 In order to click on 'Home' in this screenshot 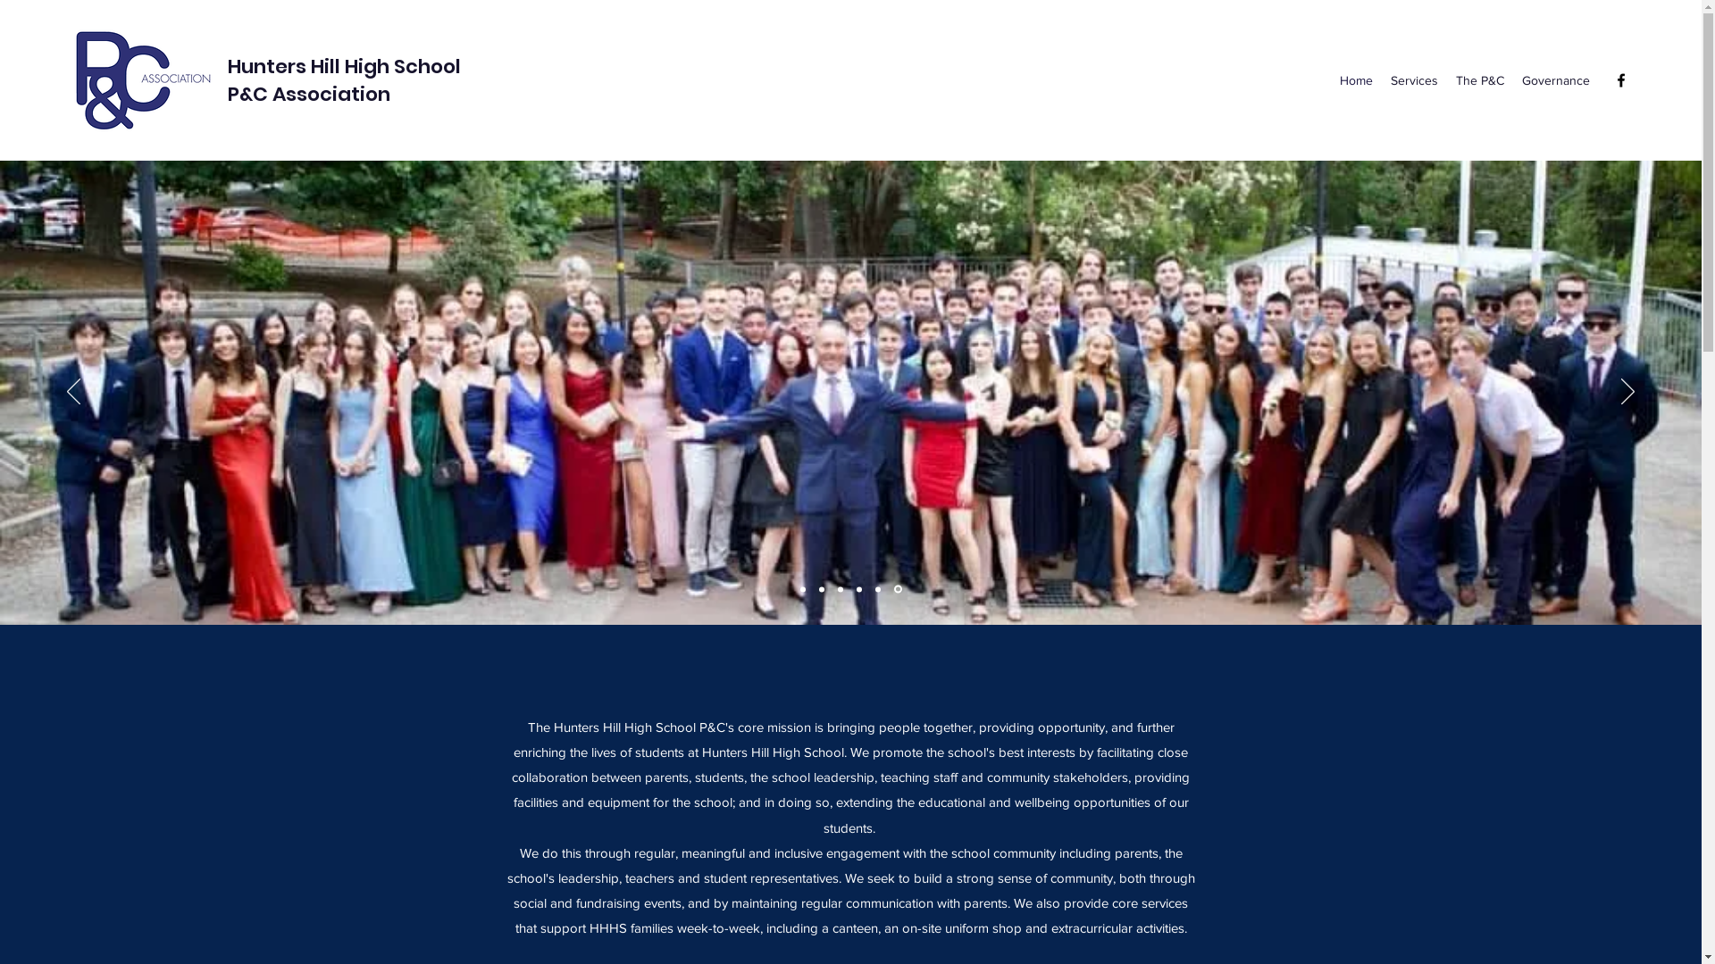, I will do `click(1356, 79)`.